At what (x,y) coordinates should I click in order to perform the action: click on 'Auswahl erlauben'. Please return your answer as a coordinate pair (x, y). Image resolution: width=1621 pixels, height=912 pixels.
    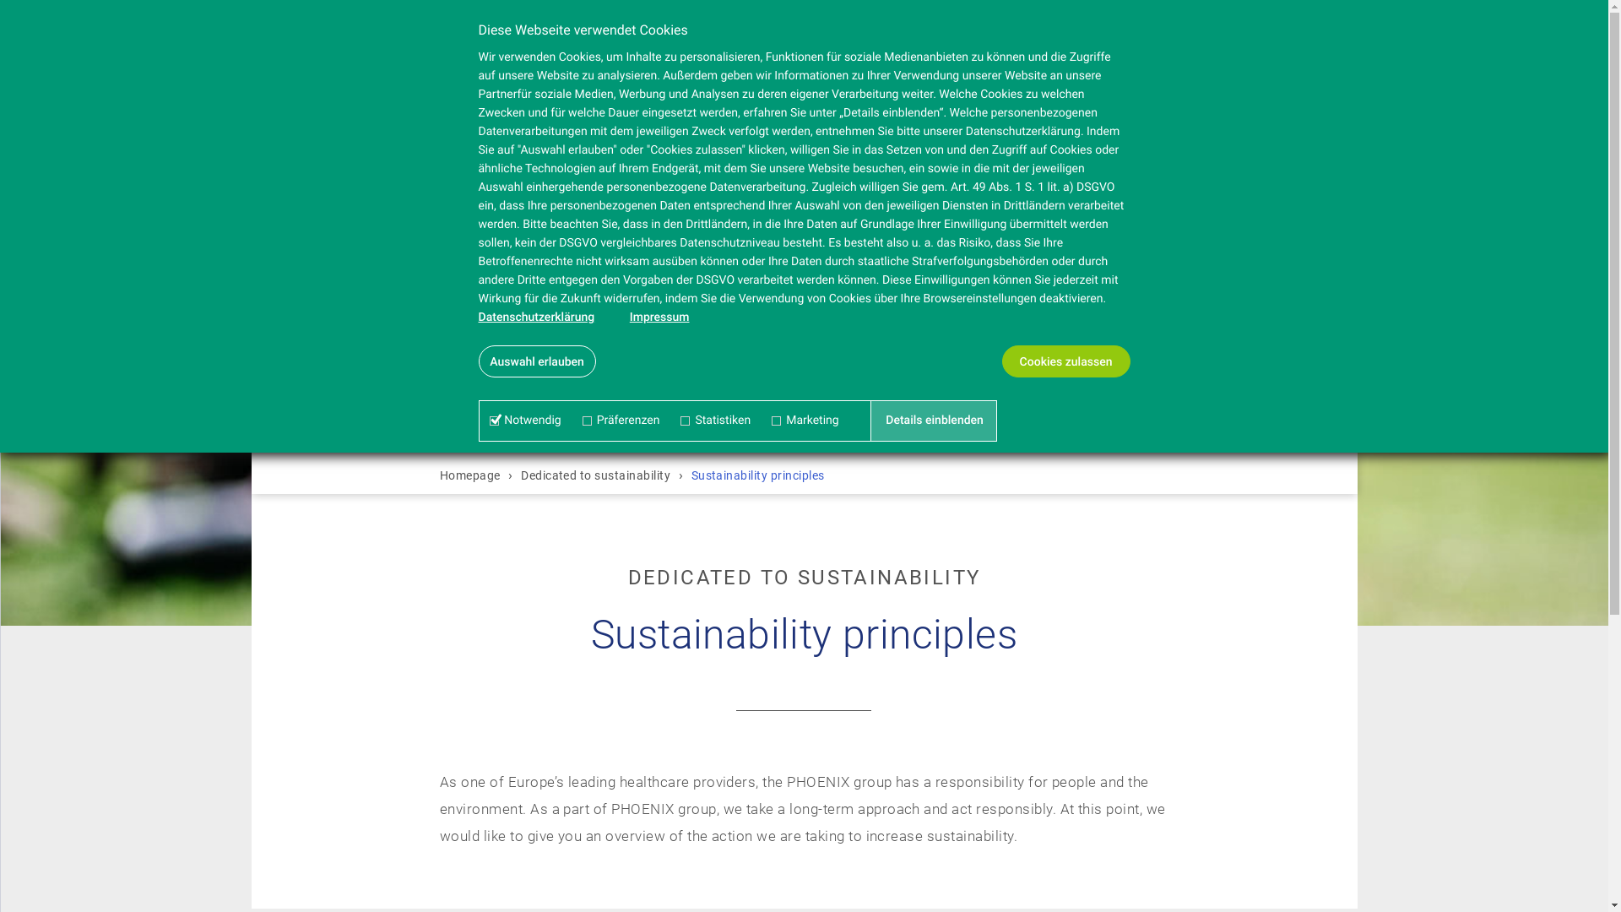
    Looking at the image, I should click on (535, 361).